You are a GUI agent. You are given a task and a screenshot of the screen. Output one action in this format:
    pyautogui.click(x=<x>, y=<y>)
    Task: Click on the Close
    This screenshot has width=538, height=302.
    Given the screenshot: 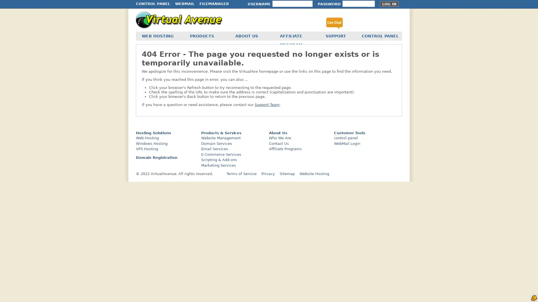 What is the action you would take?
    pyautogui.click(x=102, y=211)
    